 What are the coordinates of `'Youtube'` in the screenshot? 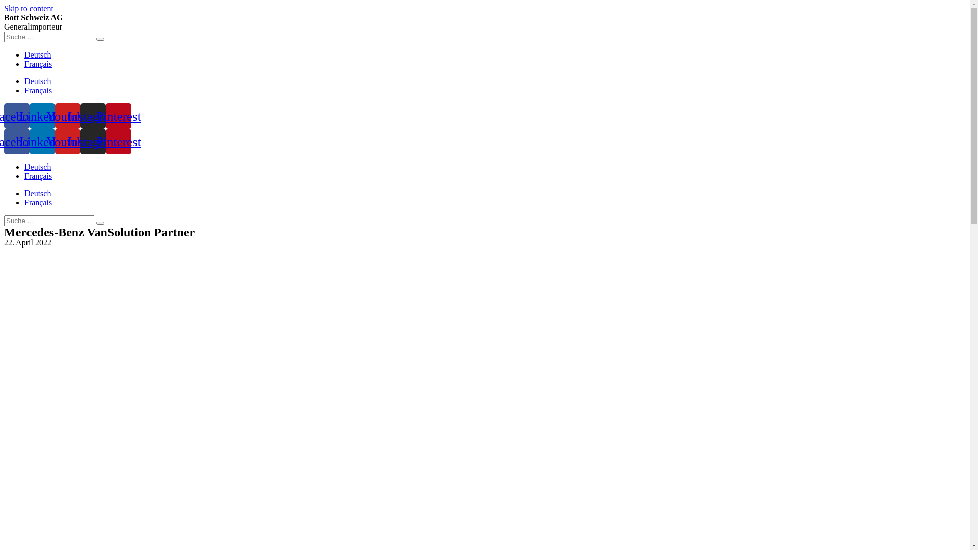 It's located at (67, 141).